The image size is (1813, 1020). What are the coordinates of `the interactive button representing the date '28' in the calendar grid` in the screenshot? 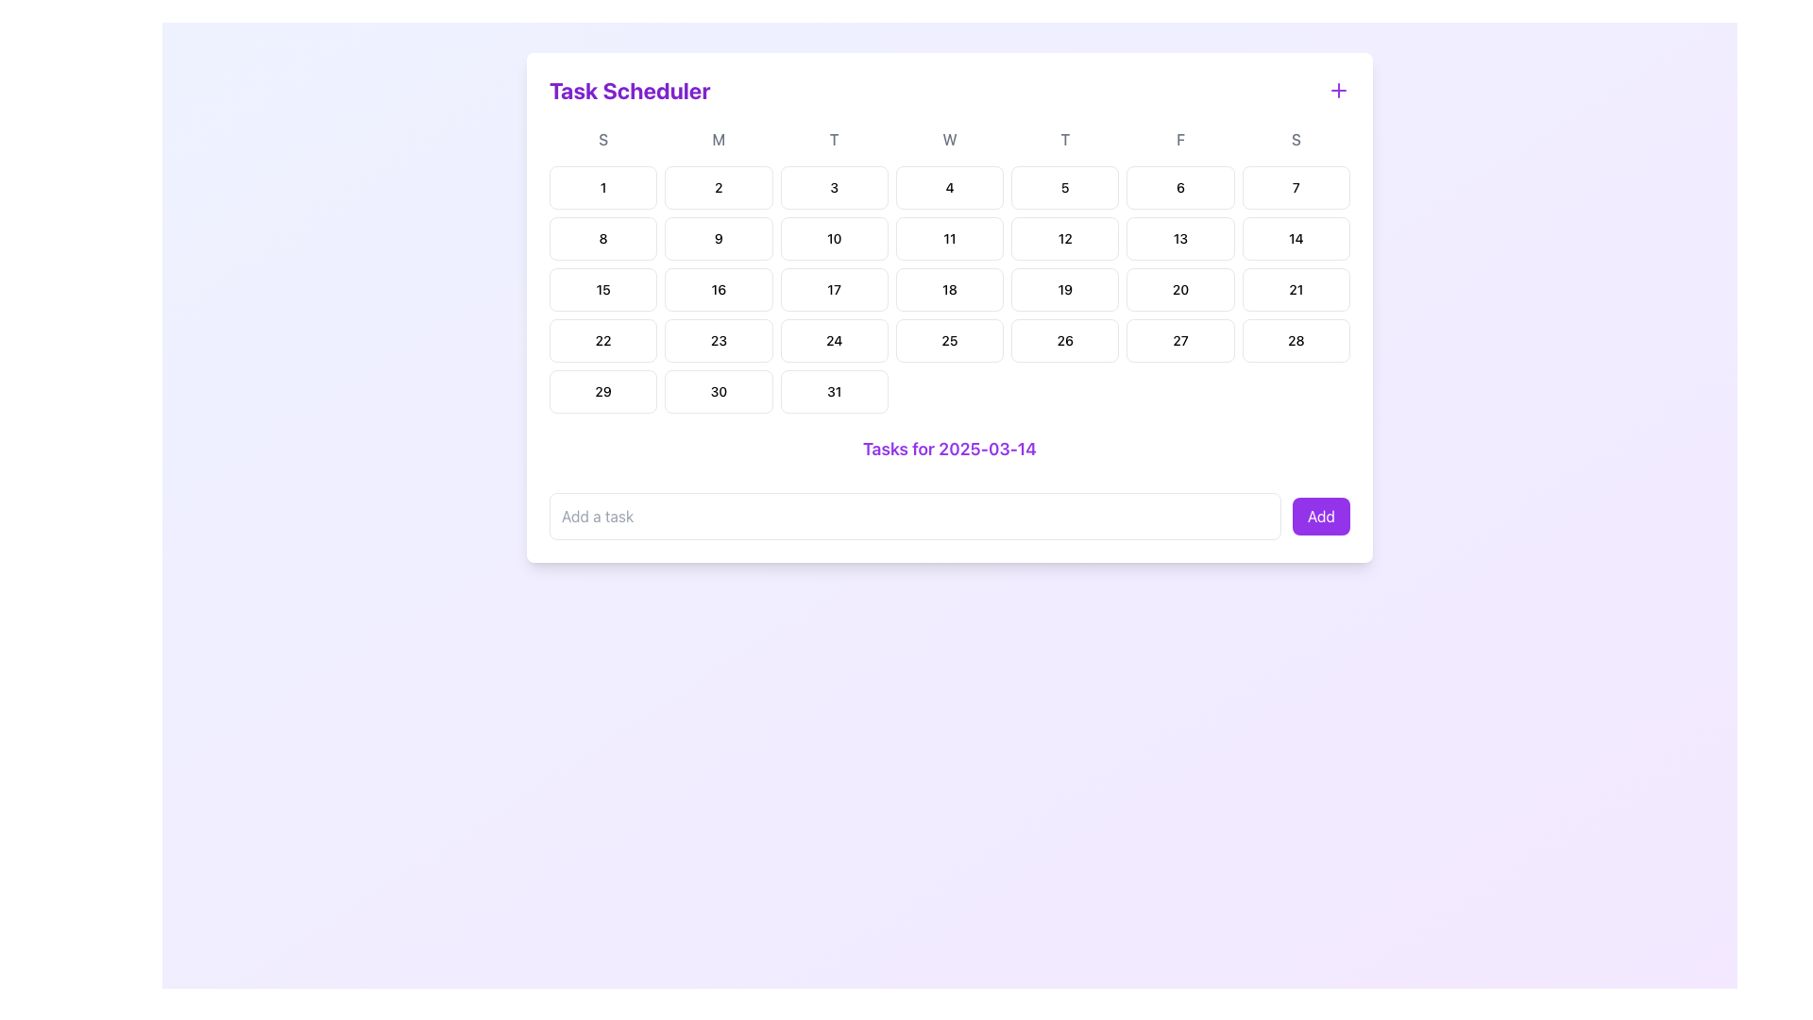 It's located at (1295, 341).